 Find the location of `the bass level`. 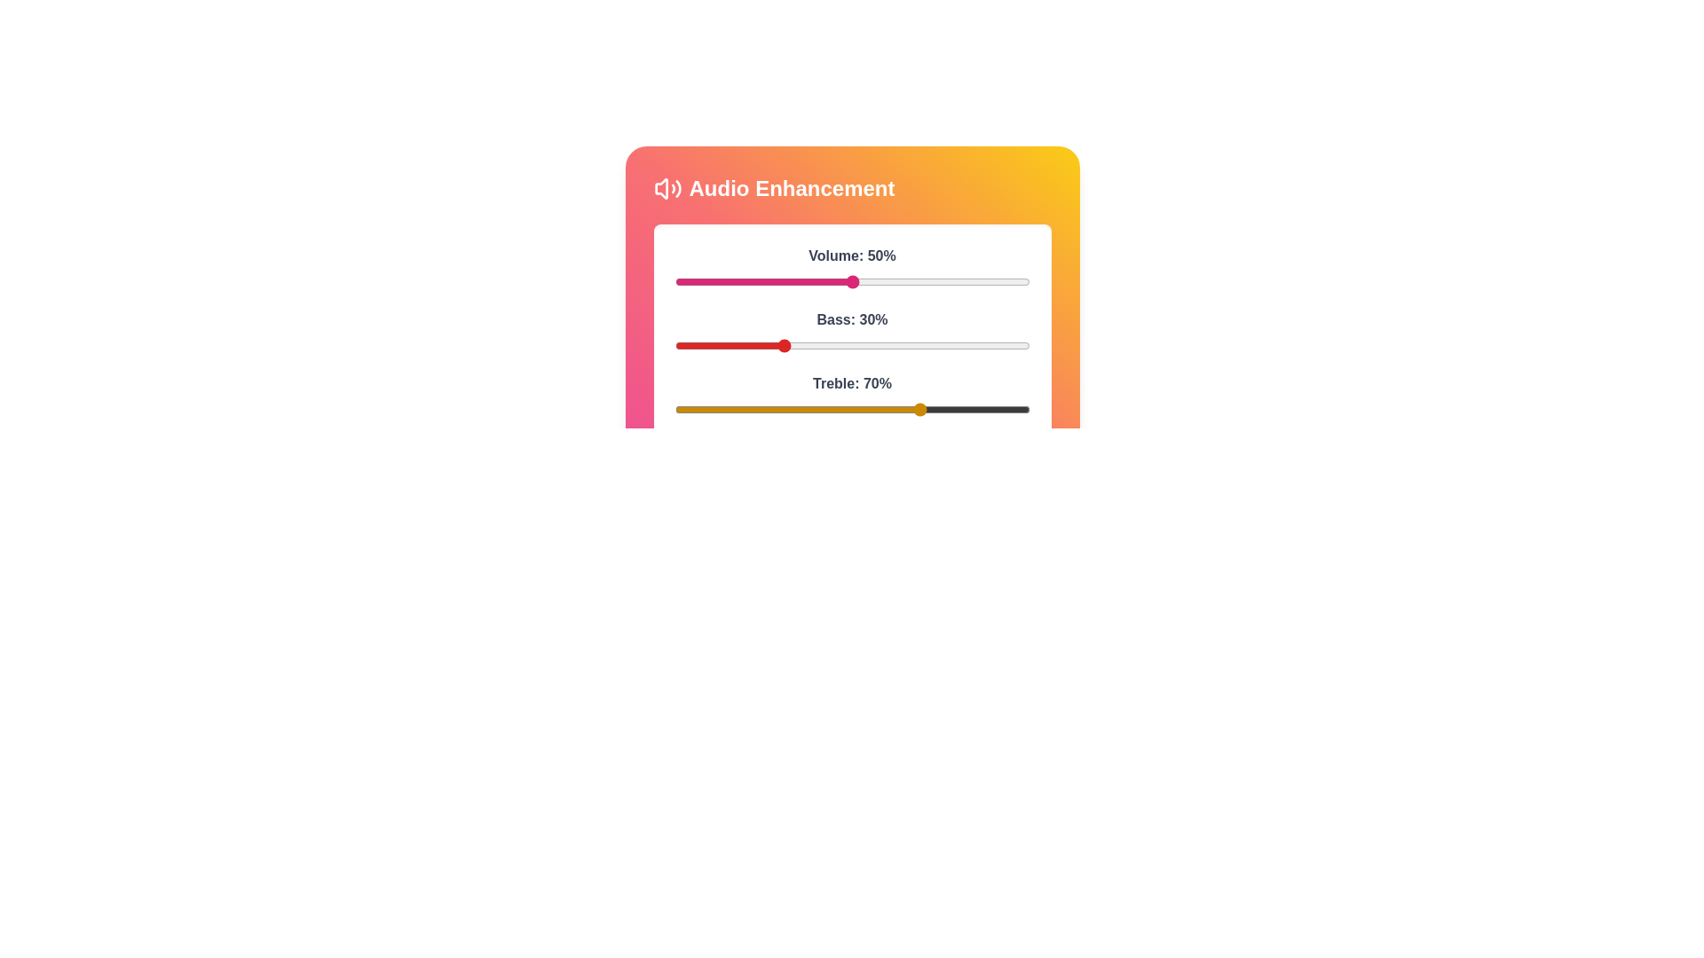

the bass level is located at coordinates (877, 345).